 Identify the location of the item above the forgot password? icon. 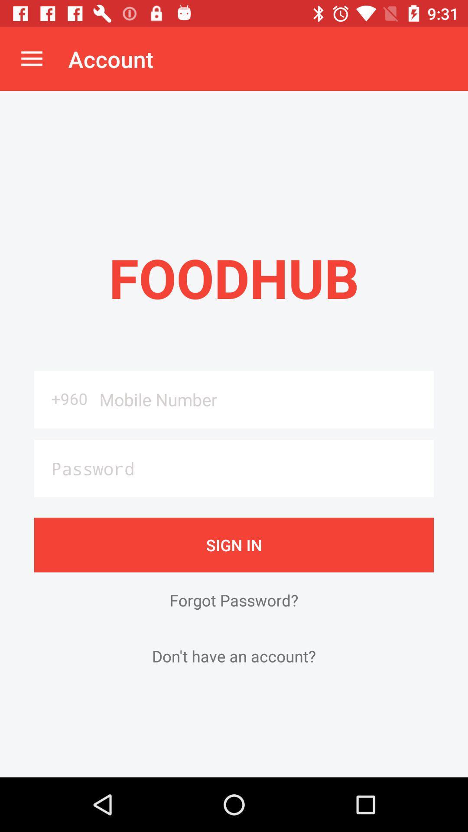
(234, 544).